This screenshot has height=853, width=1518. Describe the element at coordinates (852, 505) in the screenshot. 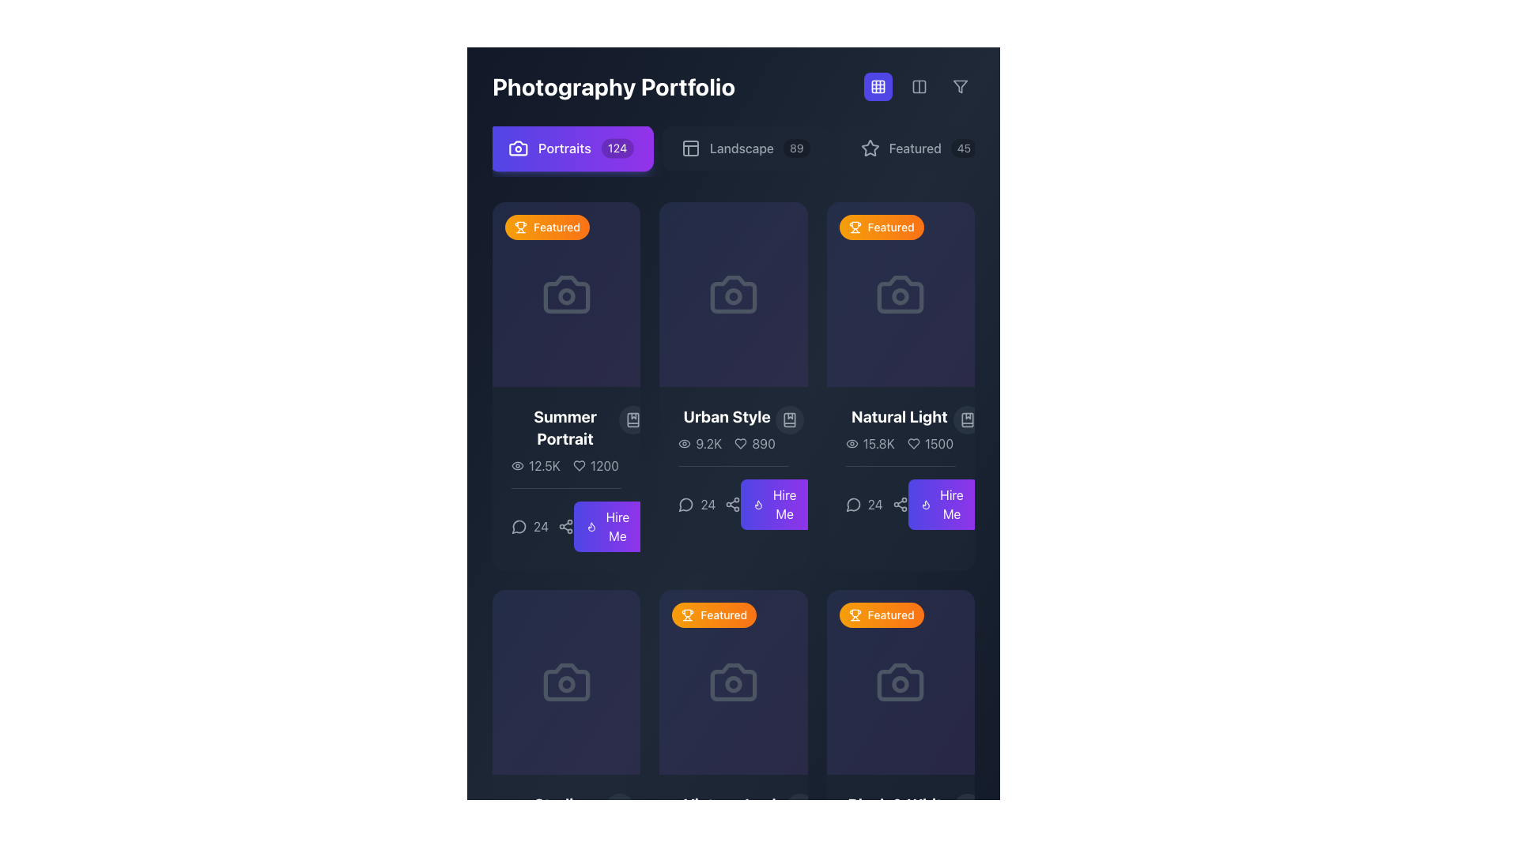

I see `the icon representing the messaging or commenting feature for the photography project titled 'Natural Light', located in the bottom-right section of its card` at that location.